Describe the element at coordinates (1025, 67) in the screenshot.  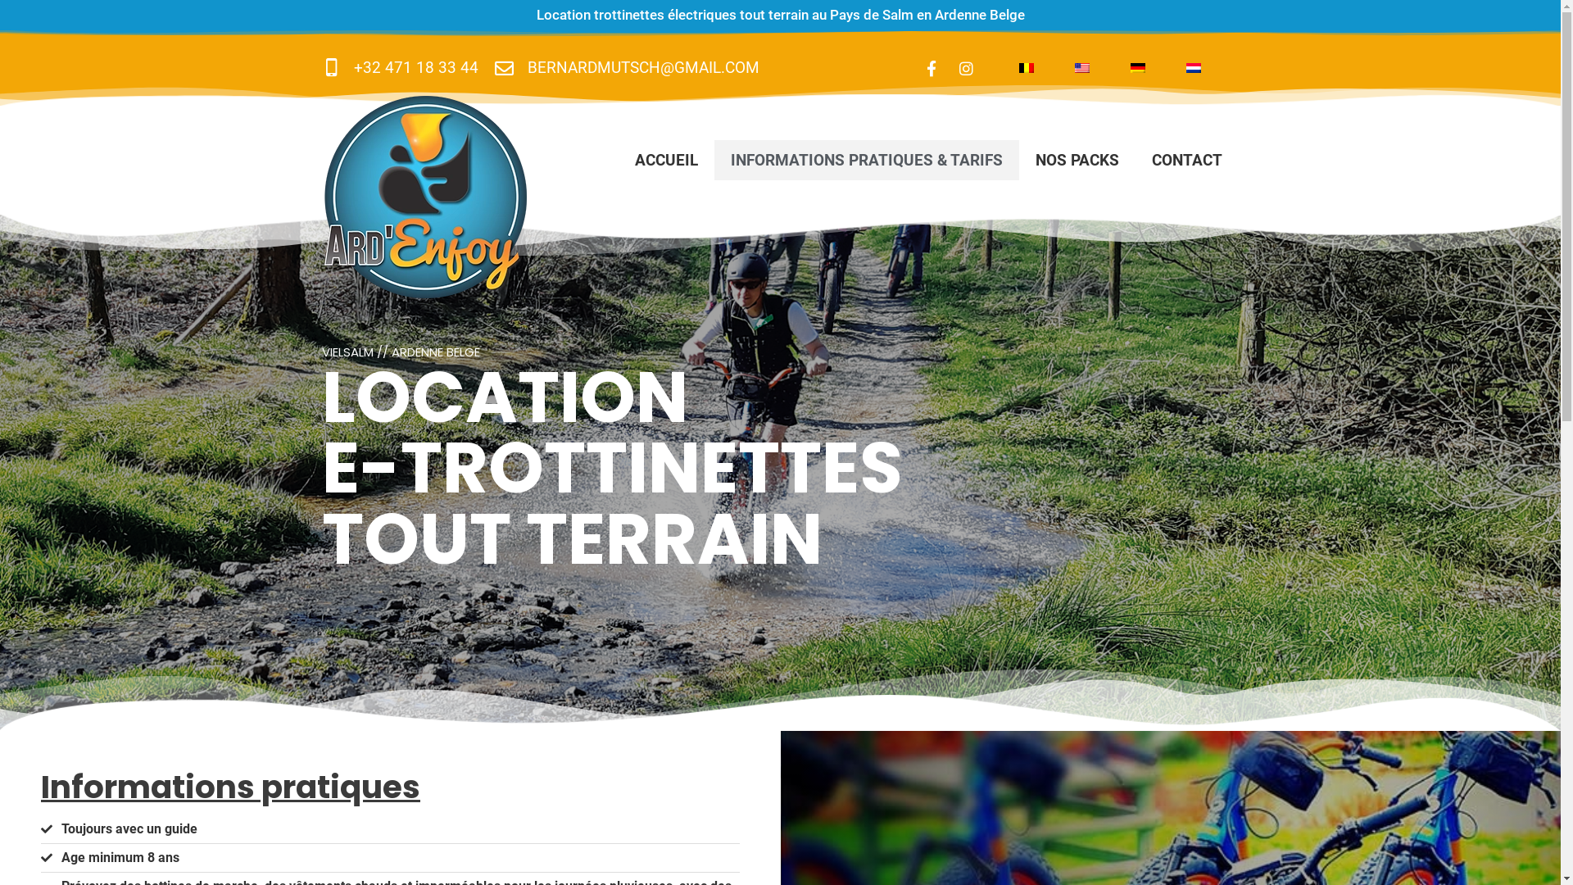
I see `'French'` at that location.